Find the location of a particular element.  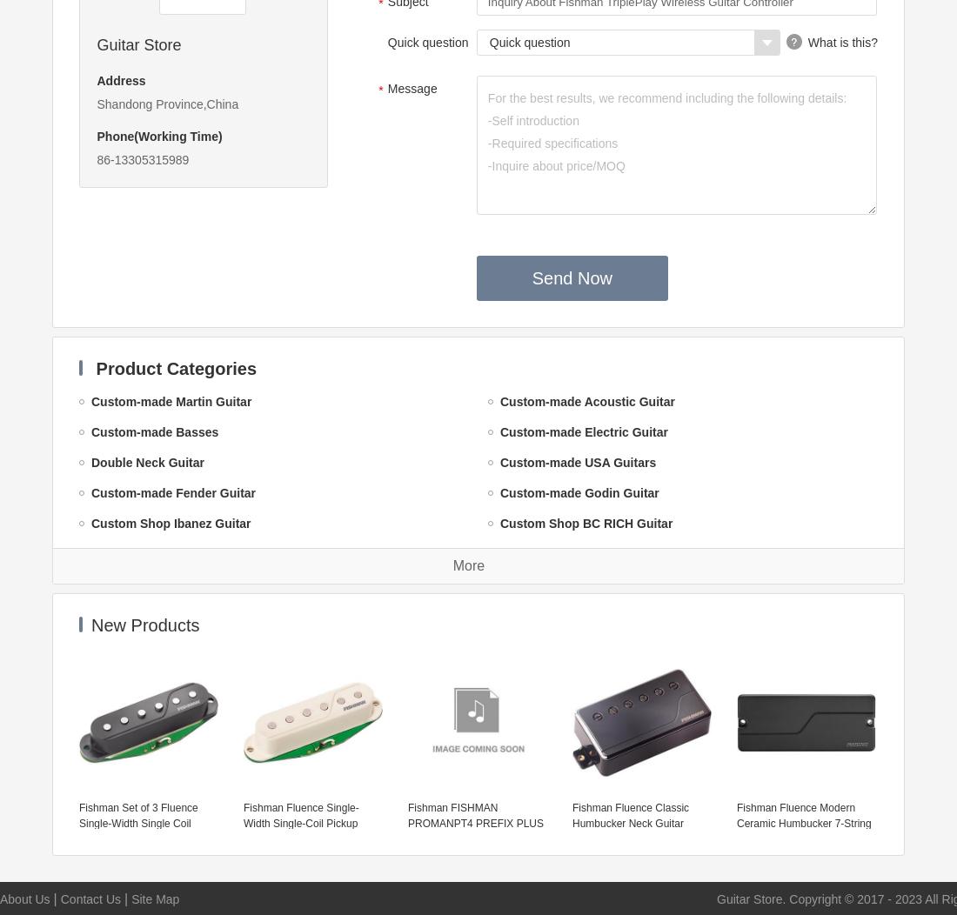

'Fishman Fluence Single-Width Single-Coil Pickup White' is located at coordinates (242, 823).